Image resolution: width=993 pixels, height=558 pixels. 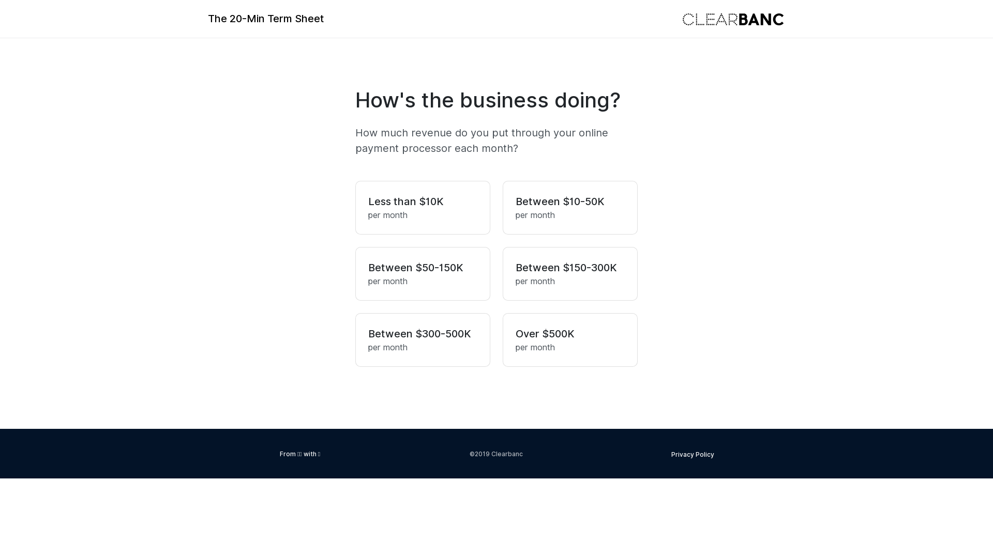 I want to click on 'Between $50-150K, so click(x=355, y=273).